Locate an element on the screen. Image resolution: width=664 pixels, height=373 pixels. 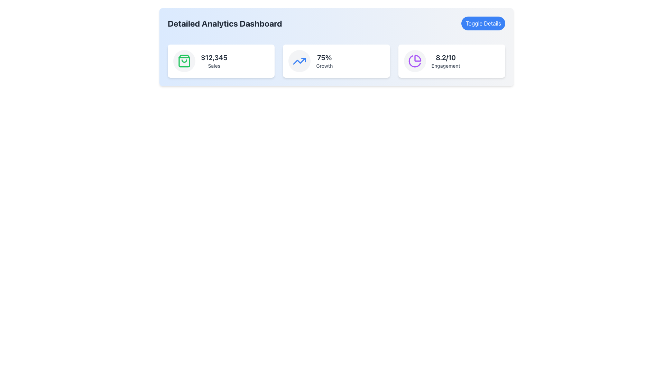
the shopping-related icon within a circular background, located on the left side of the card panel displaying '$12,345' and 'Sales' is located at coordinates (184, 61).